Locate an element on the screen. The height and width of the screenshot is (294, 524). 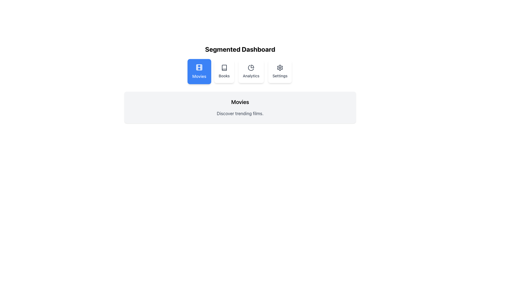
the SVG icon representing a pie chart within the 'Analytics' tile, which is centrally located above the label text 'Analytics.' is located at coordinates (251, 68).